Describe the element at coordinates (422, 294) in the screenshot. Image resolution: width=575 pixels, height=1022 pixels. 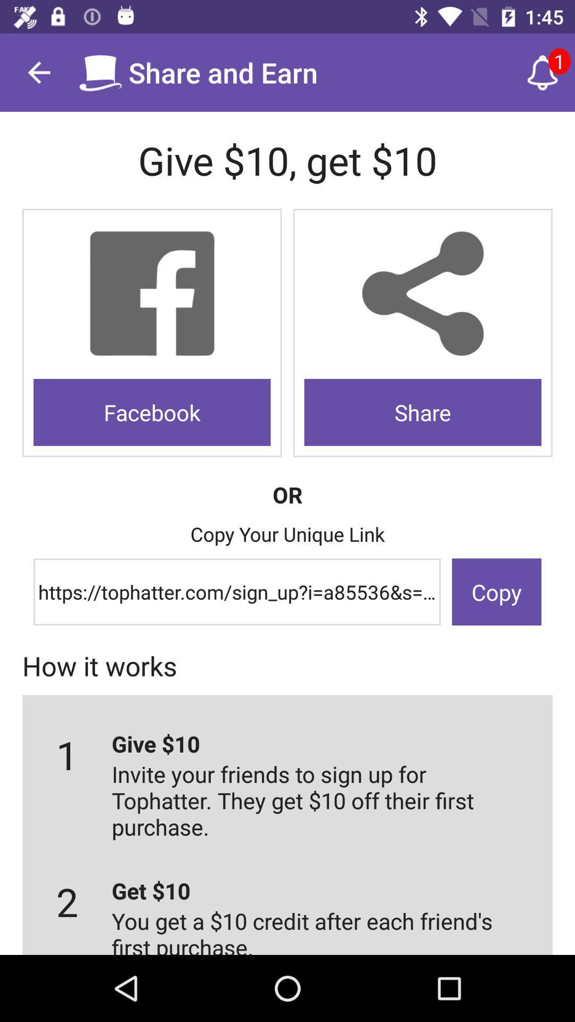
I see `click share` at that location.